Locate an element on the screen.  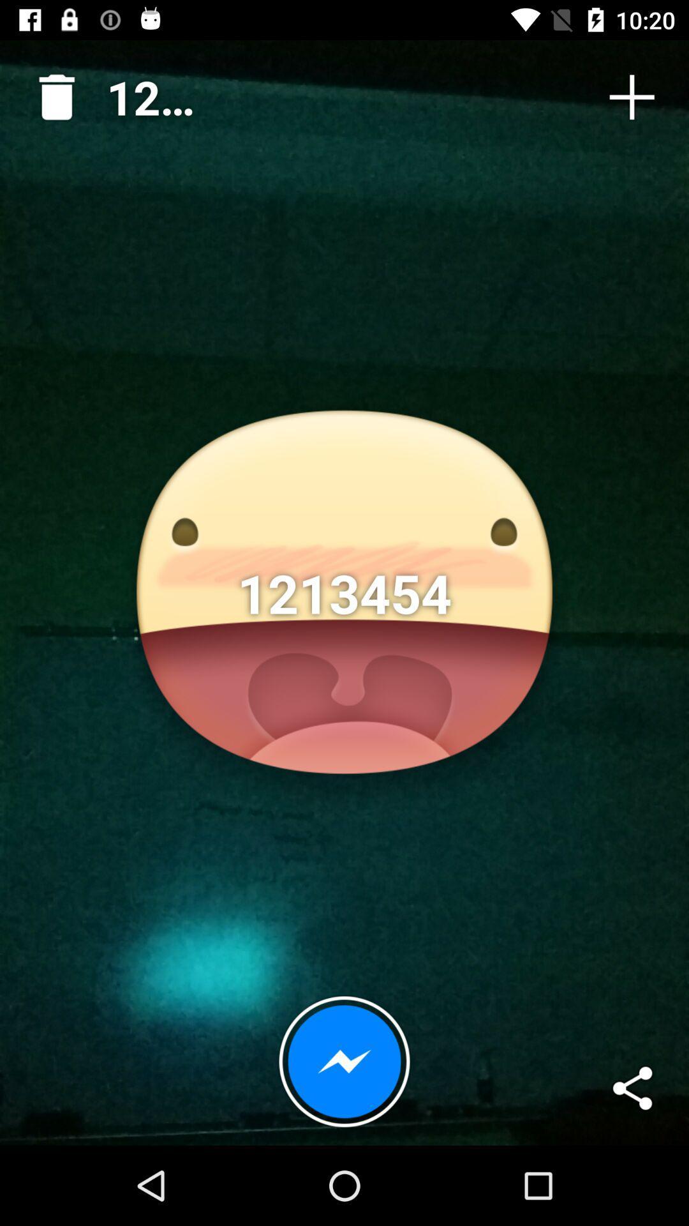
the icon at the bottom right corner is located at coordinates (632, 1087).